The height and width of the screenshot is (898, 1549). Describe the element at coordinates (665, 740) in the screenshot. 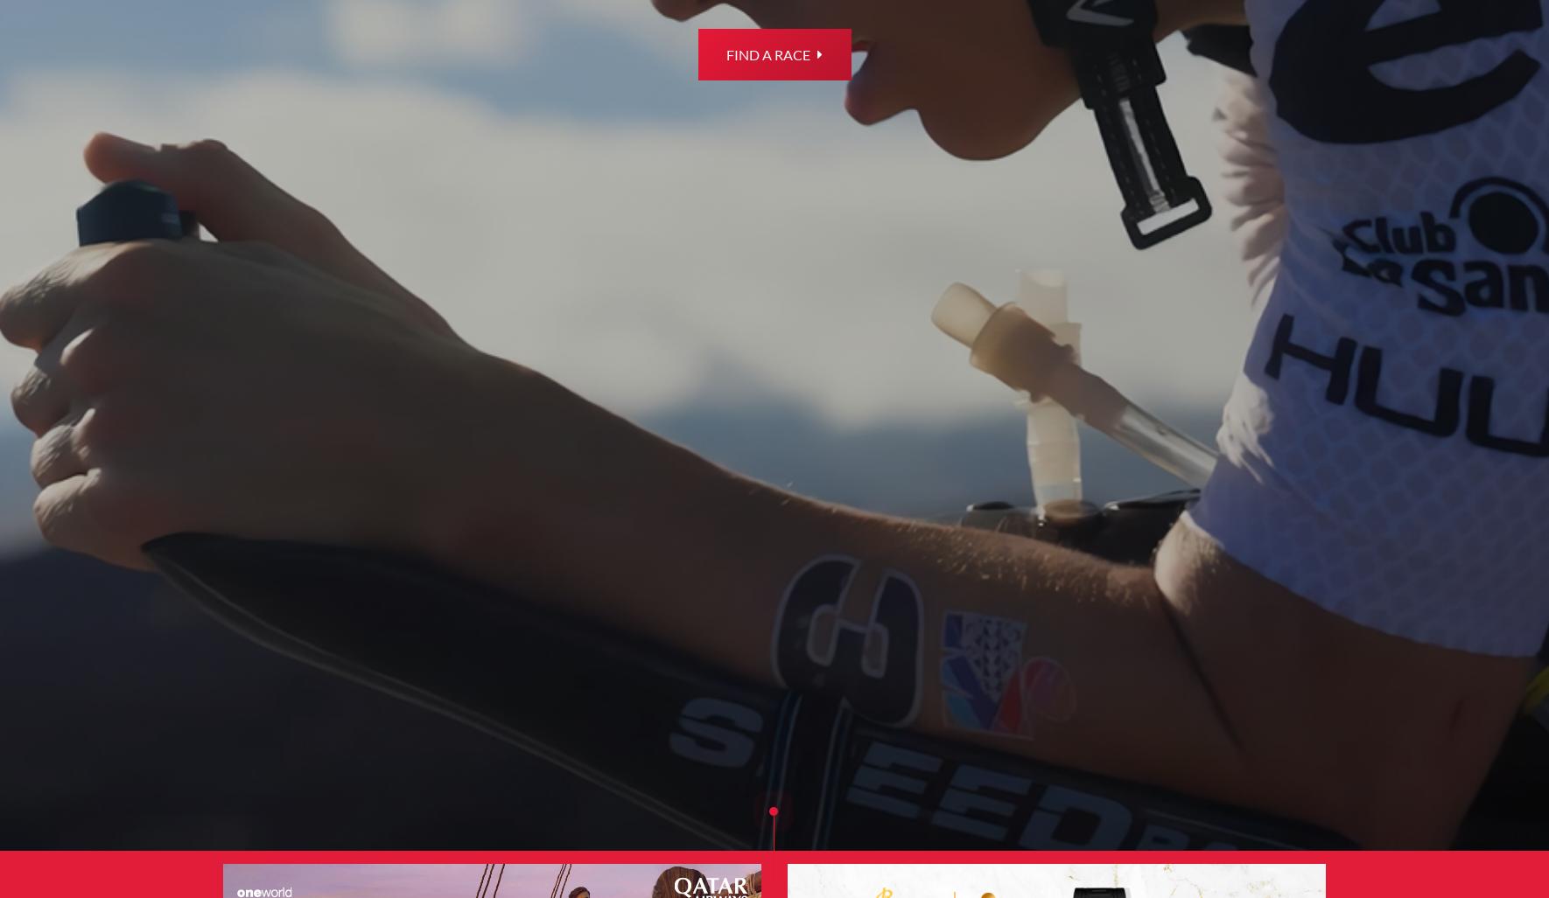

I see `'Smart Program'` at that location.